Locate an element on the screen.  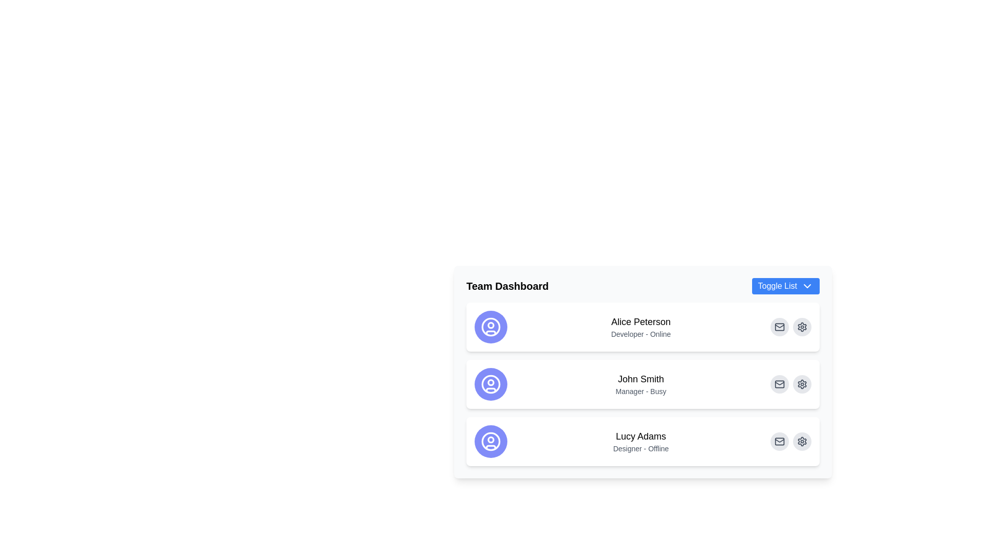
the 'Settings' button for the user 'Lucy Adams', which is the last button is located at coordinates (801, 441).